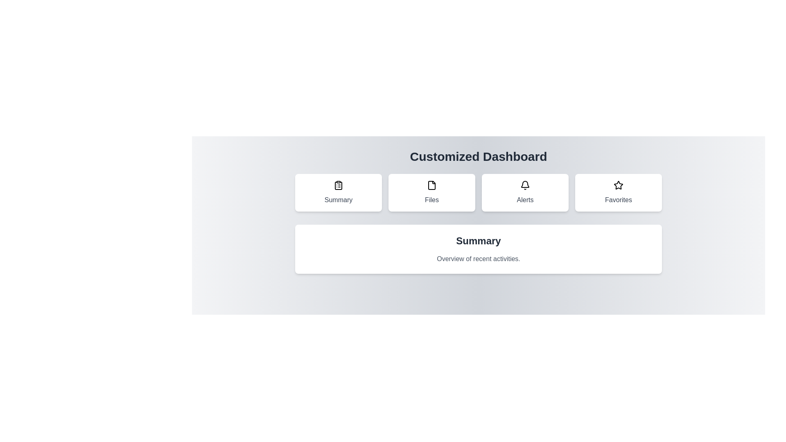  I want to click on text label 'Favorites' located at the bottom of the card, which is part of a grid layout under the 'Customized Dashboard' header, so click(619, 200).